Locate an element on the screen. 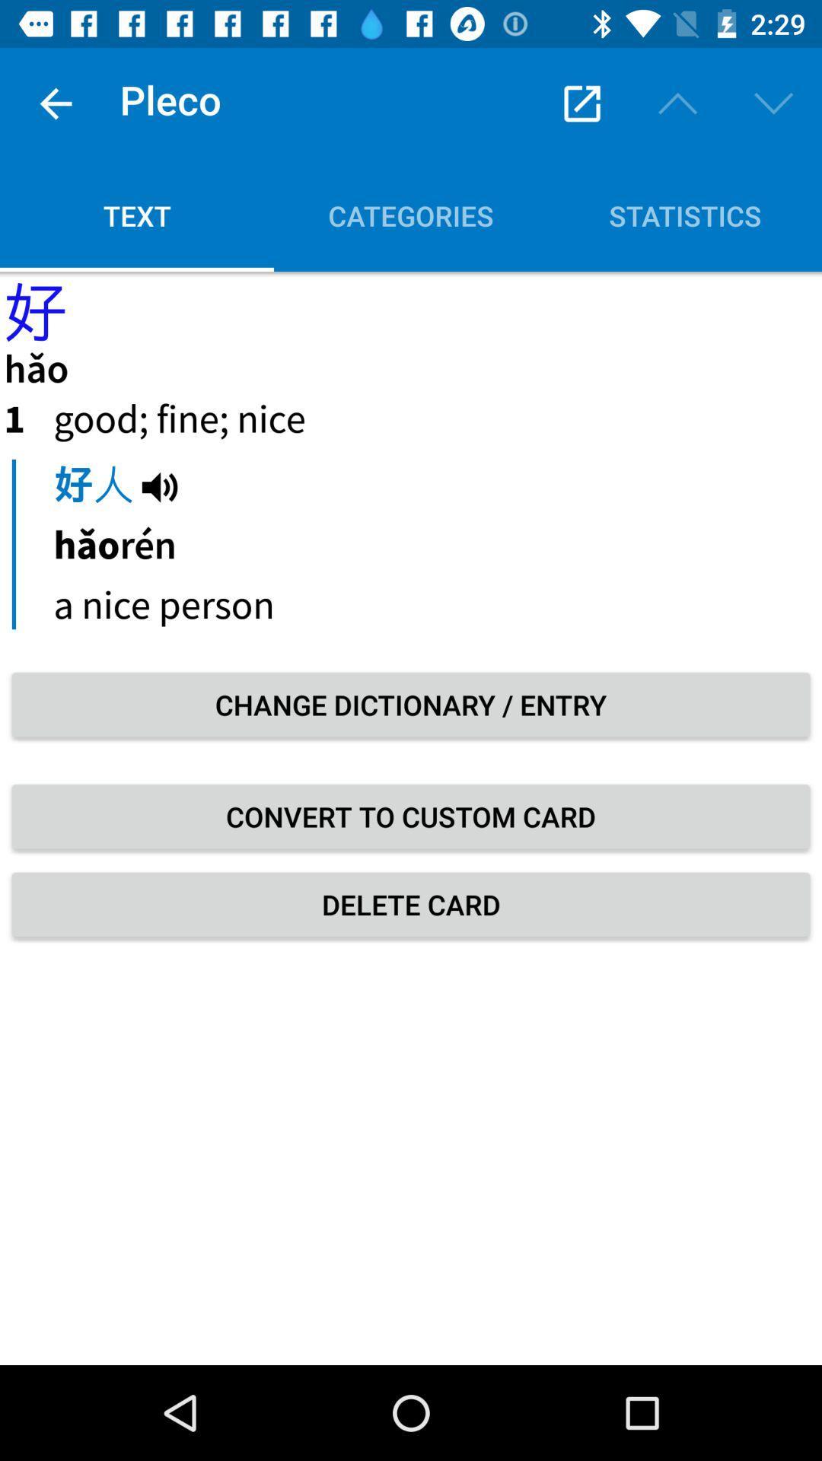  the change dictionary / entry is located at coordinates (411, 704).